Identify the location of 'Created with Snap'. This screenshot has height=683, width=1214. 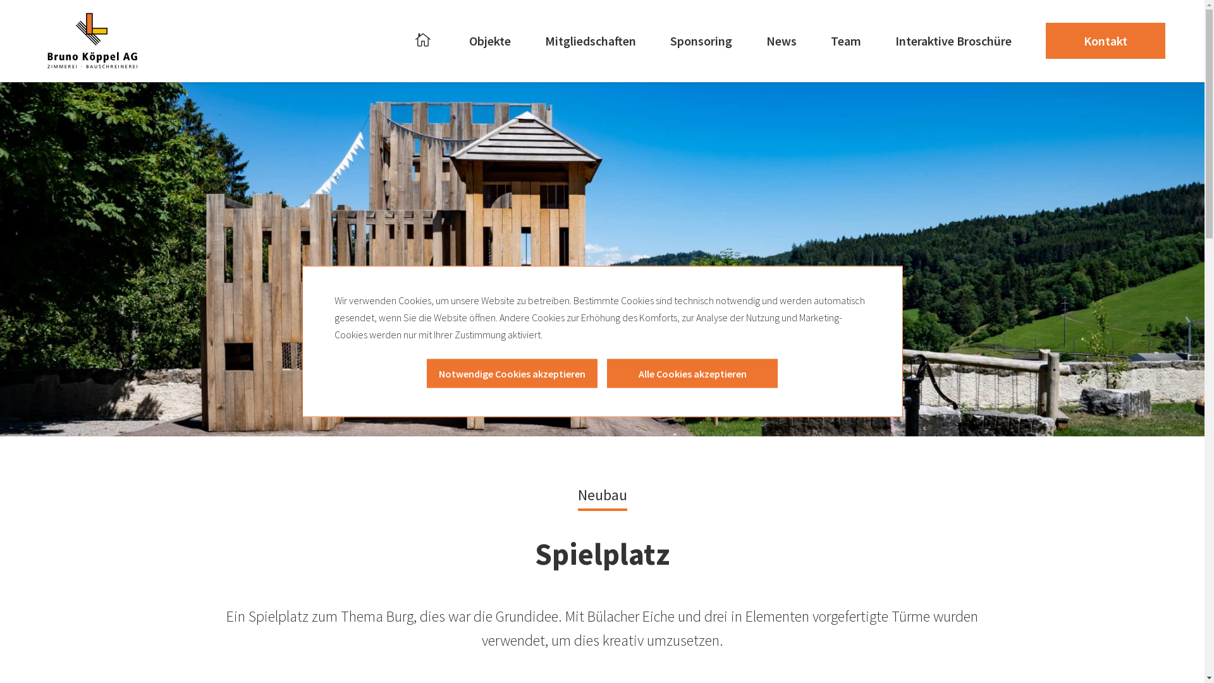
(93, 46).